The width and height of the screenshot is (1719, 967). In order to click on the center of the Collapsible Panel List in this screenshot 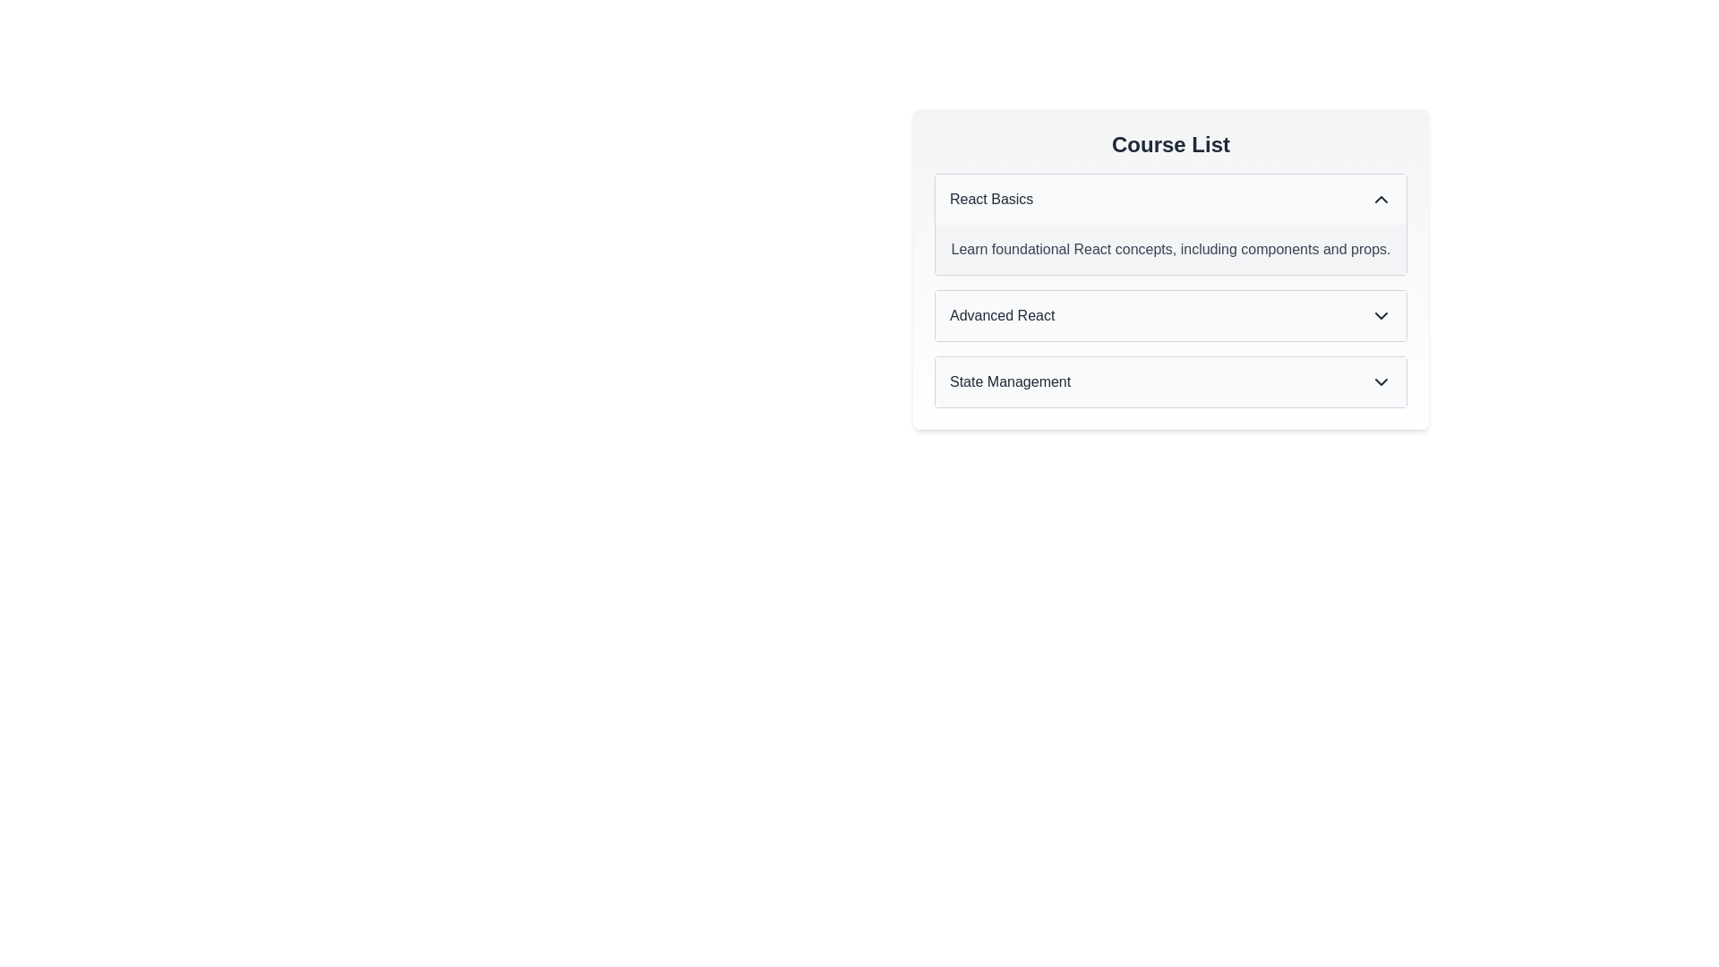, I will do `click(1171, 269)`.